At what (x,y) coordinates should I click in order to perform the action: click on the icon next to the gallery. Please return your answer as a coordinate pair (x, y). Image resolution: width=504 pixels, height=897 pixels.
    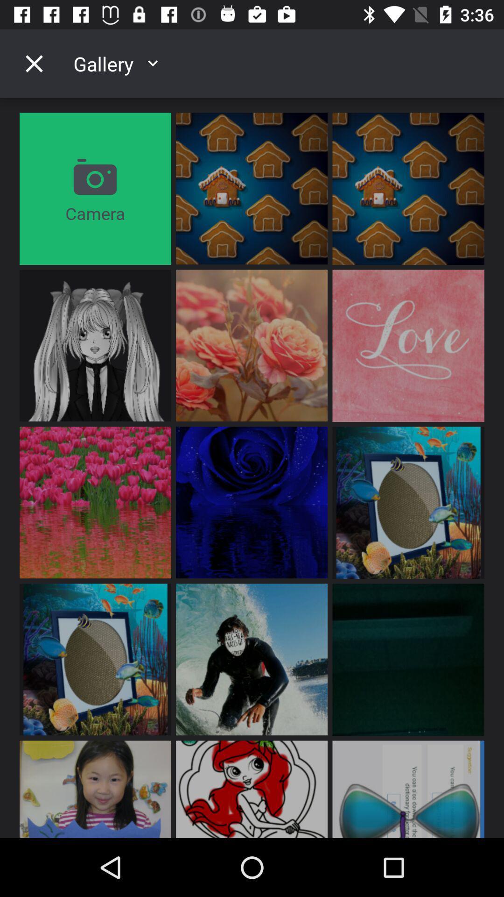
    Looking at the image, I should click on (34, 63).